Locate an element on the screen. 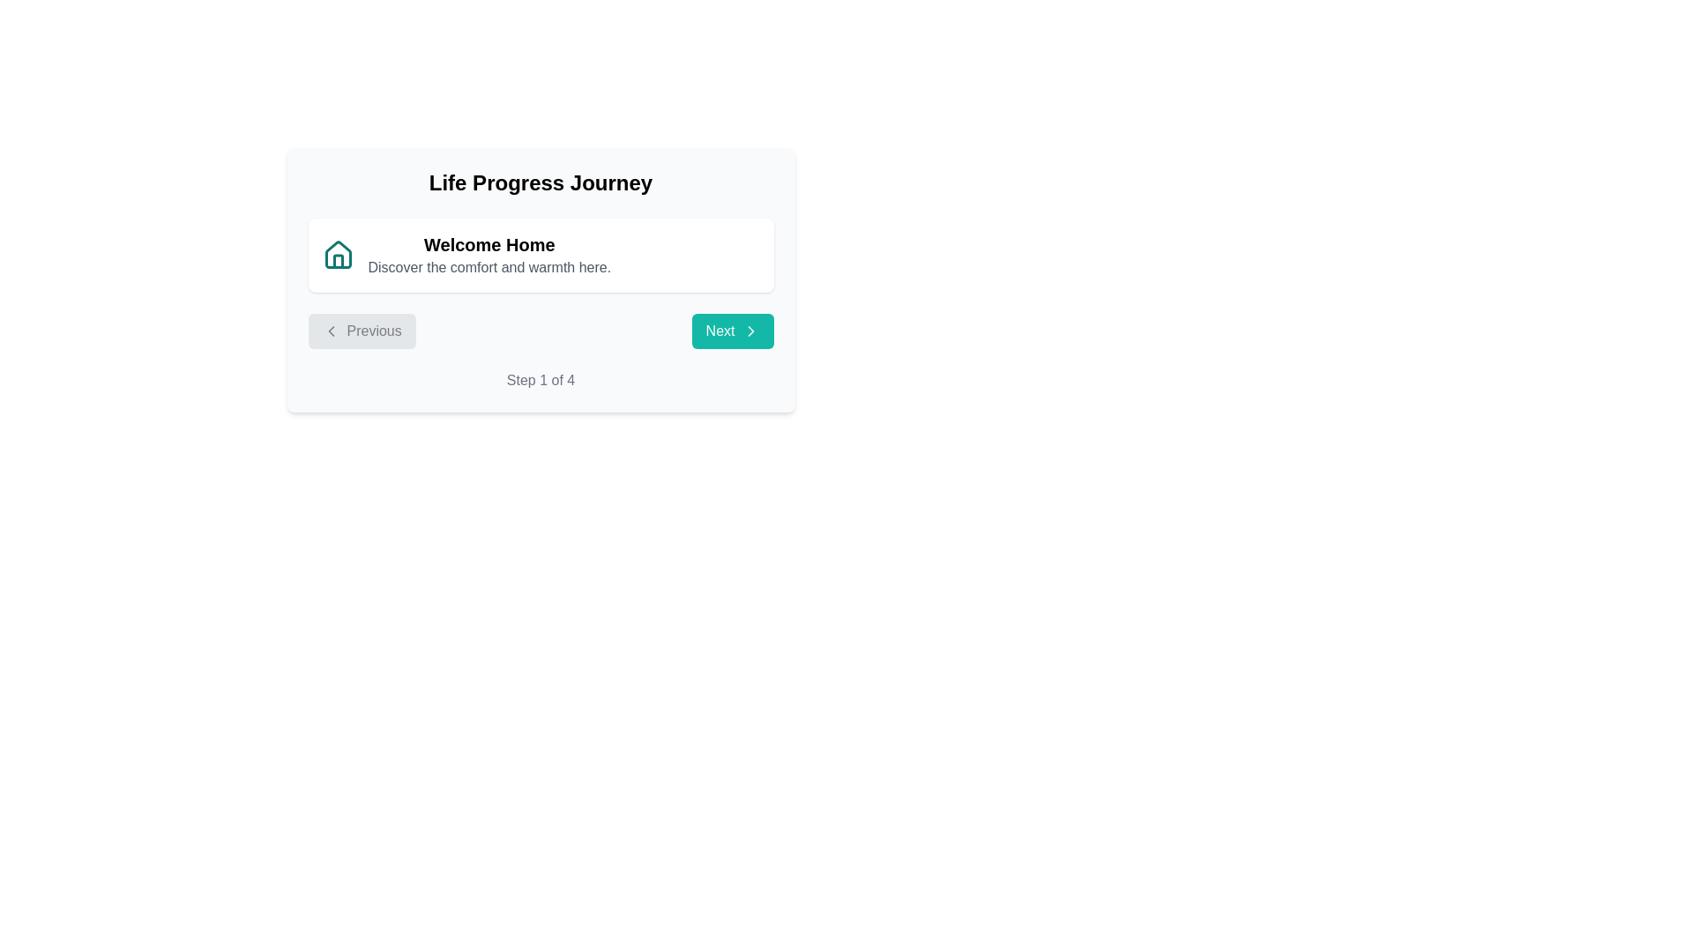 This screenshot has height=952, width=1693. the decorative 'Home' icon located within a white, rounded rectangular card, positioned to the left of the 'Welcome Home' text block is located at coordinates (338, 255).